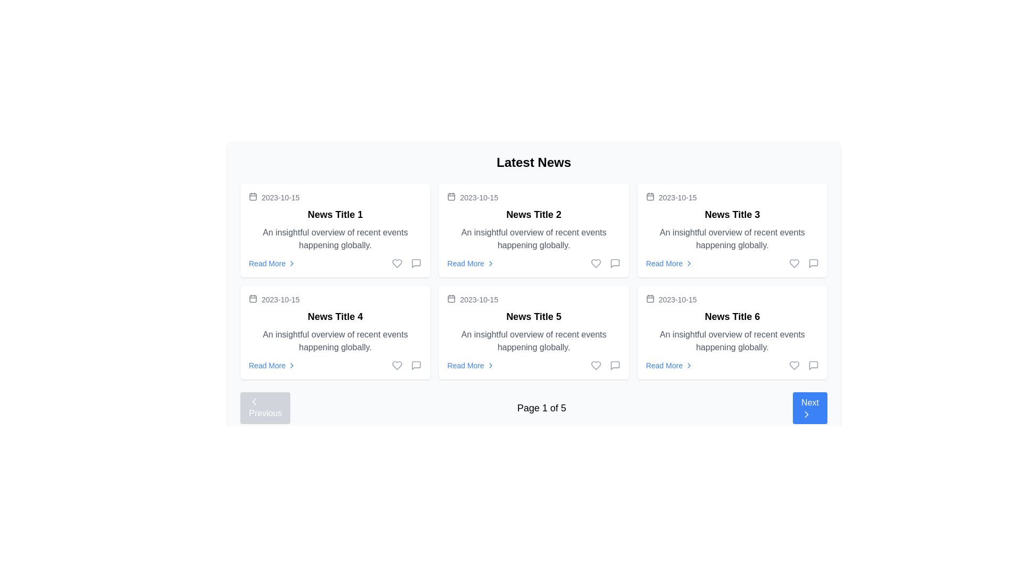  I want to click on the heart icon in the interactive options group located under the 'News Title 5' card to like the article, so click(605, 365).